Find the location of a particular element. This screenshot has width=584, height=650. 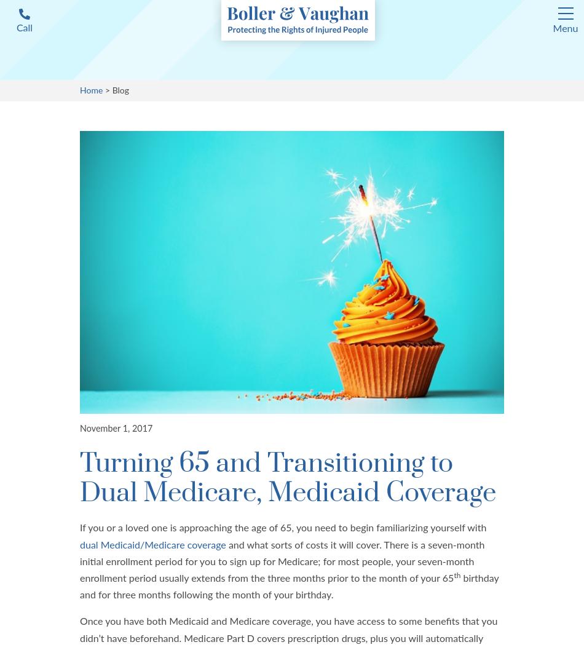

'dual Medicaid/Medicare coverage' is located at coordinates (152, 544).